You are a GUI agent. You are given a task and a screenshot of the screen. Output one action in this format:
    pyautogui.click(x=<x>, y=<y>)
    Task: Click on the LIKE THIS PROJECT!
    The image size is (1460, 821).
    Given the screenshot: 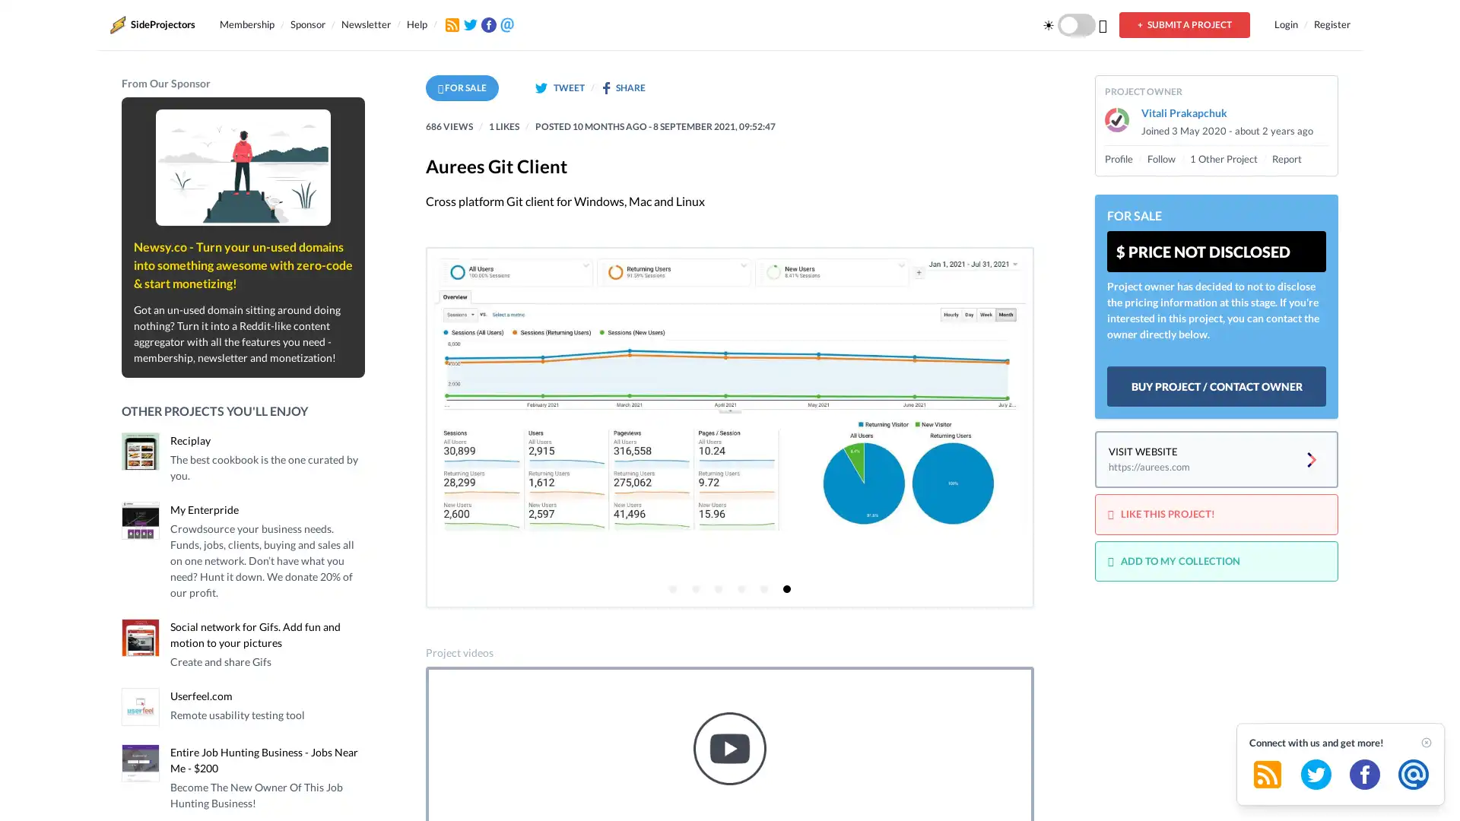 What is the action you would take?
    pyautogui.click(x=1215, y=513)
    